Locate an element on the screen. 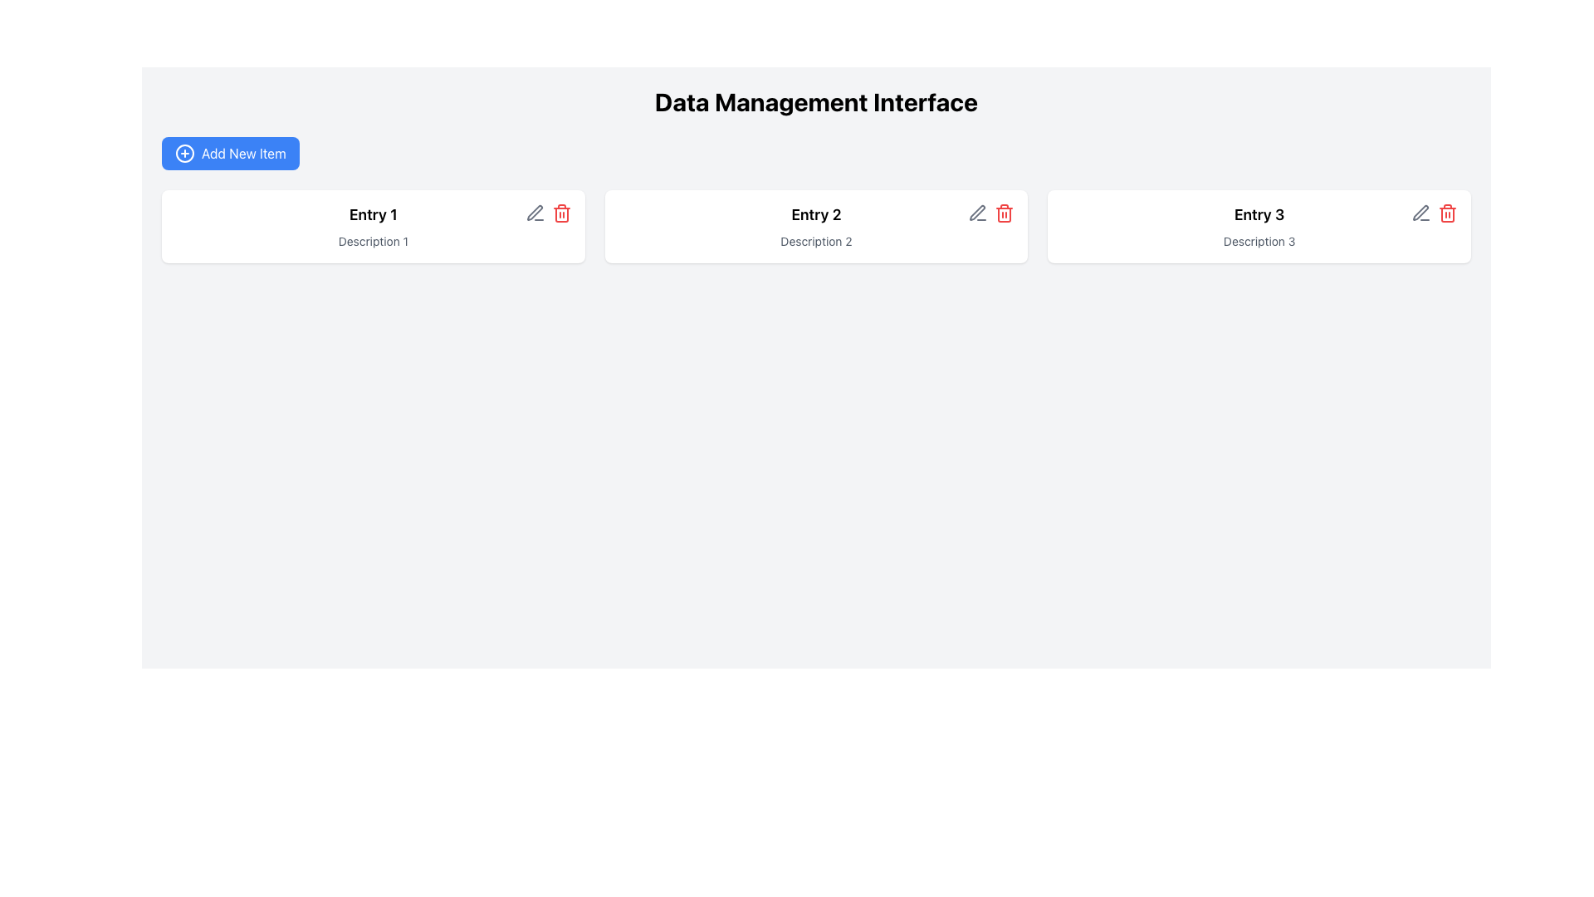 The height and width of the screenshot is (897, 1594). the interactive icon group in the top-right corner of the 'Entry 3' card is located at coordinates (1434, 213).